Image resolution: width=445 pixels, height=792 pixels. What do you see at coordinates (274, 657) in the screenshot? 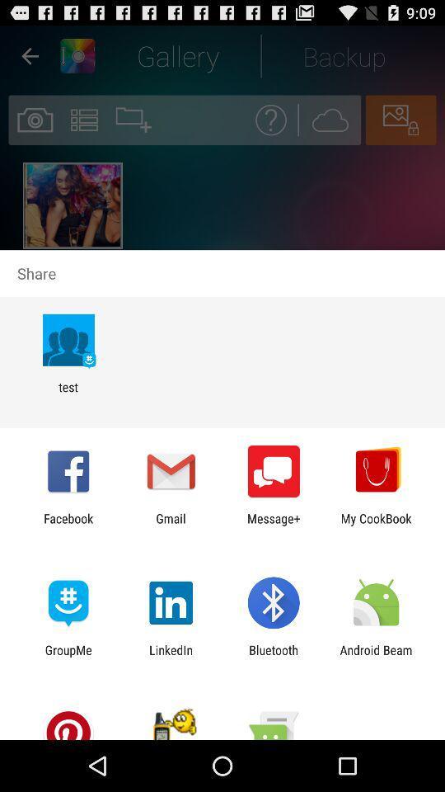
I see `the icon to the left of android beam app` at bounding box center [274, 657].